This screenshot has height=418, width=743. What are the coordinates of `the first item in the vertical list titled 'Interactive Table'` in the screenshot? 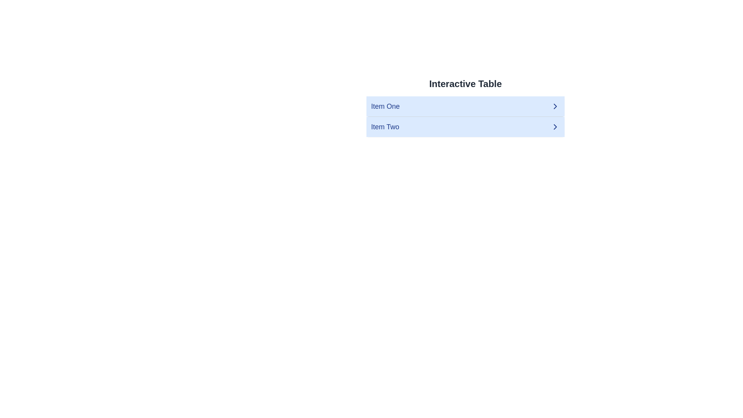 It's located at (465, 106).